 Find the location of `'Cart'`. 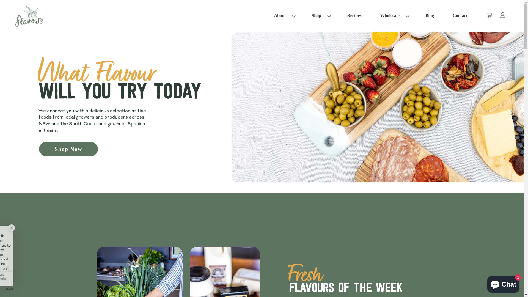

'Cart' is located at coordinates (485, 16).